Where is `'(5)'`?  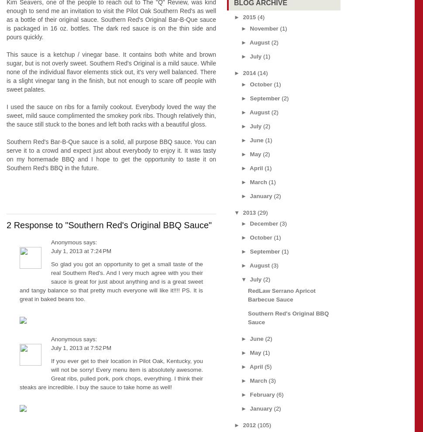 '(5)' is located at coordinates (267, 366).